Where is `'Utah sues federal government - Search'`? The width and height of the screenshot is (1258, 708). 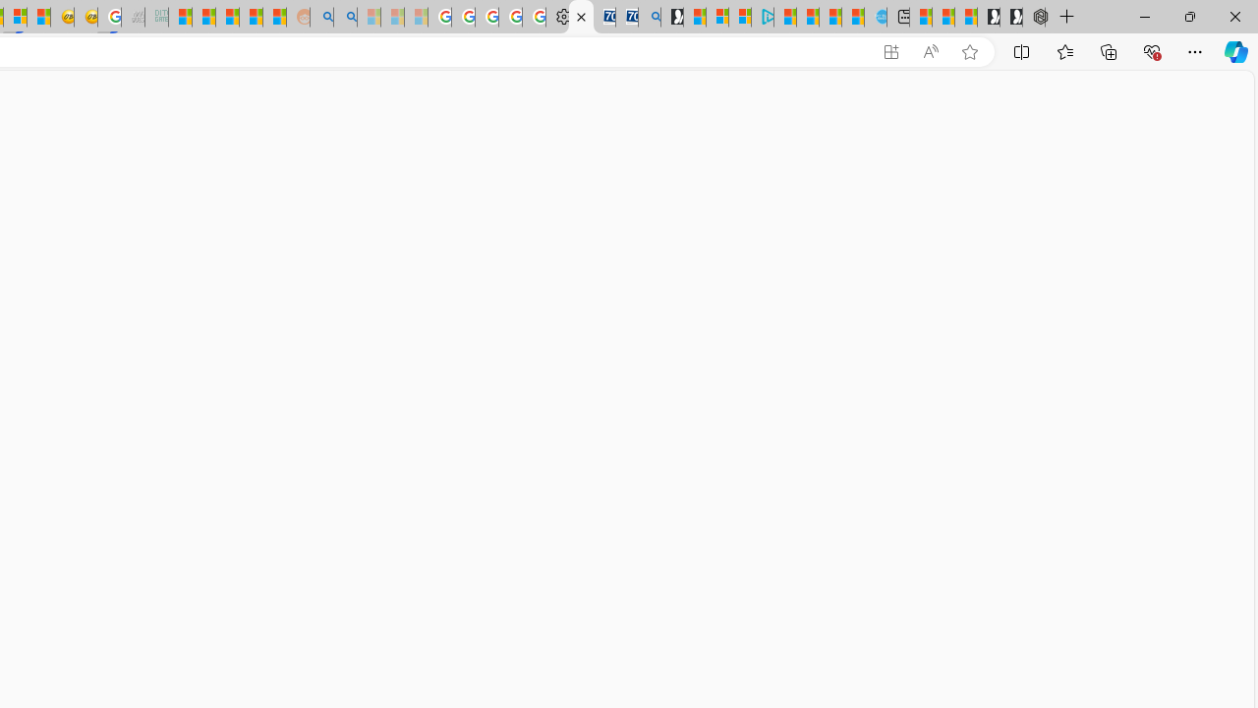
'Utah sues federal government - Search' is located at coordinates (346, 17).